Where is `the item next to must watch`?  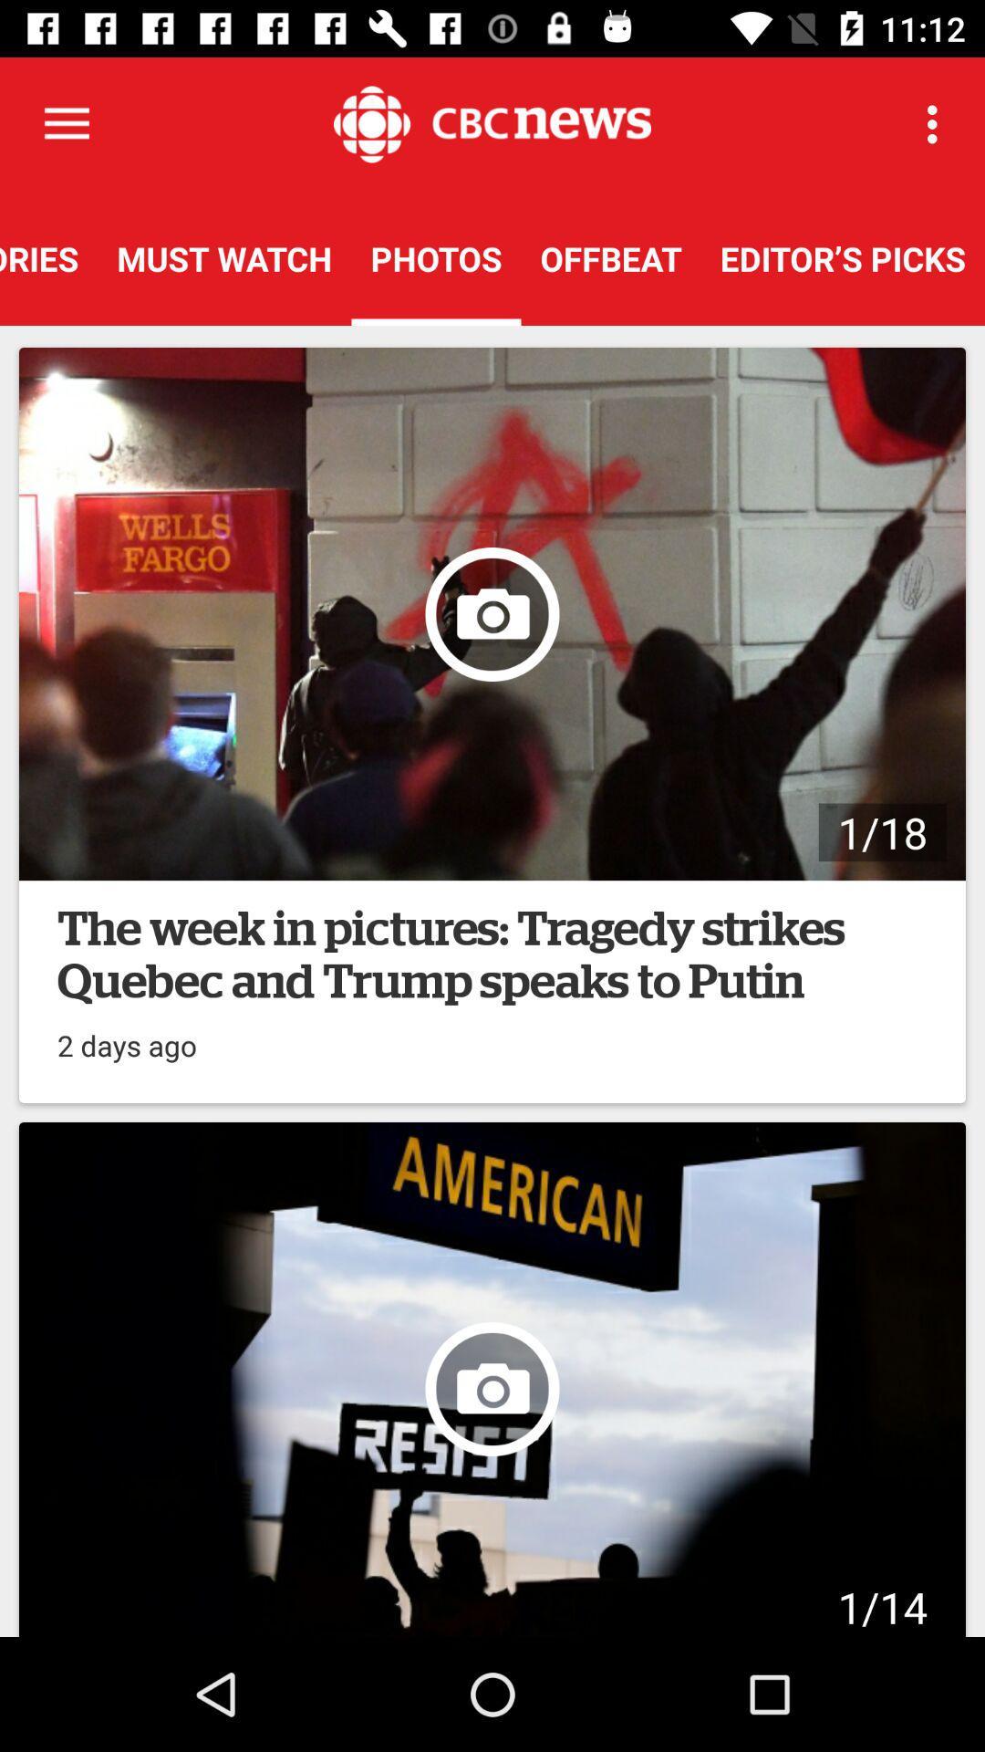 the item next to must watch is located at coordinates (47, 257).